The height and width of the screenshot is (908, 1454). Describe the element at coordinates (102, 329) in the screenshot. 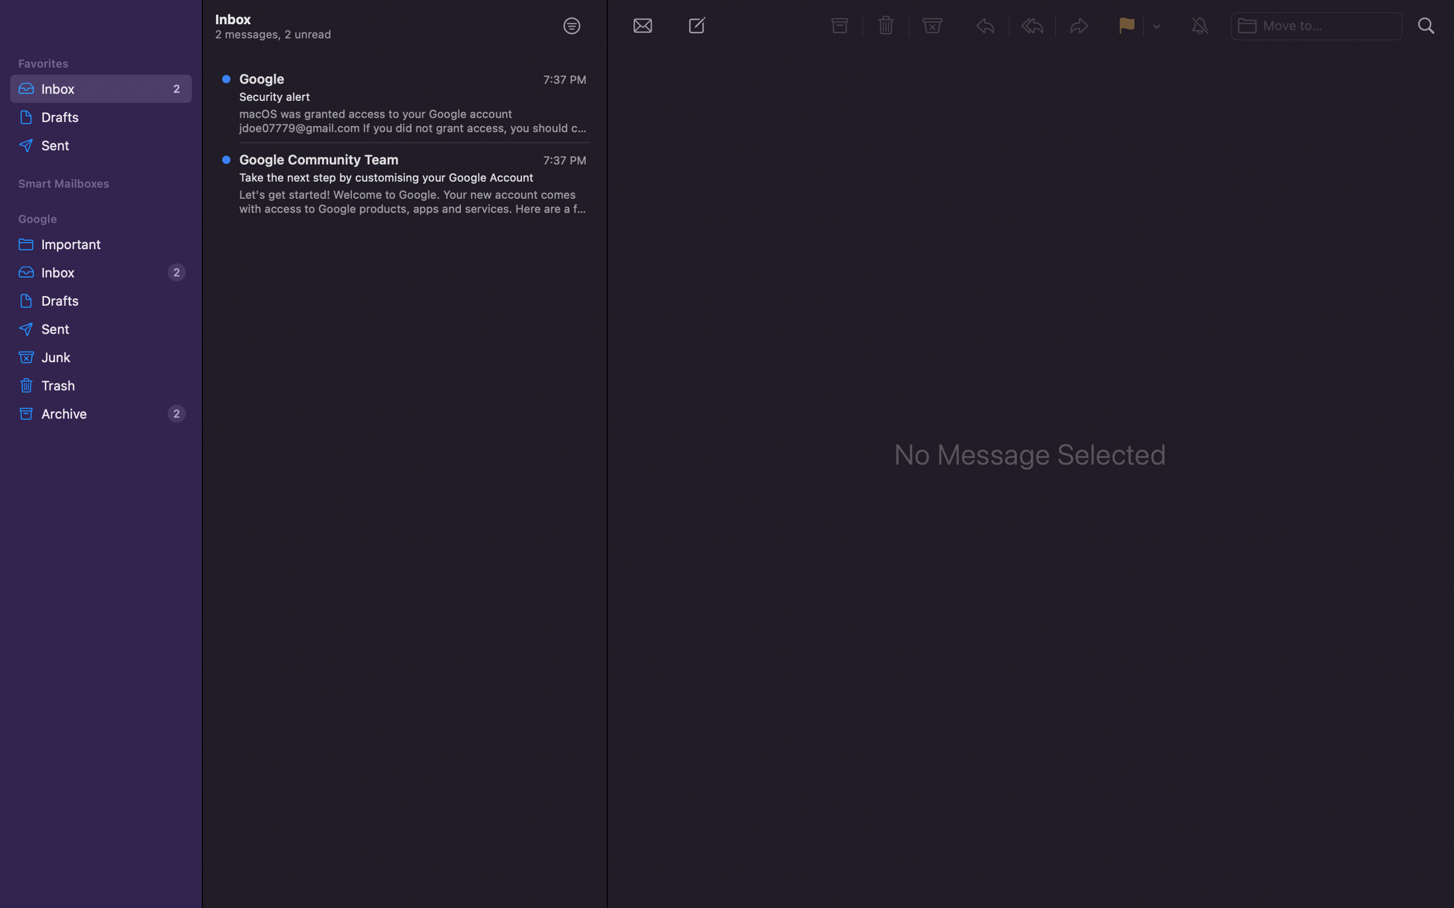

I see `Review sent messages` at that location.